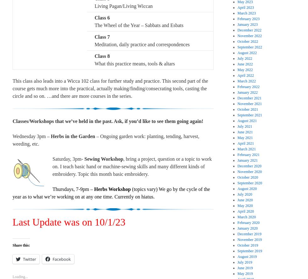 The image size is (308, 279). What do you see at coordinates (69, 221) in the screenshot?
I see `'Last Update was on 10/1/23'` at bounding box center [69, 221].